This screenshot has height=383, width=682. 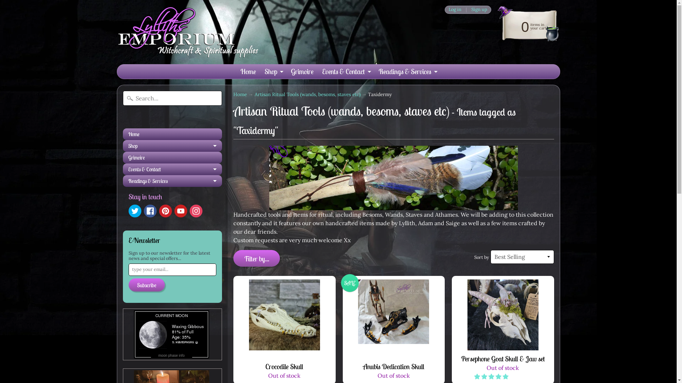 What do you see at coordinates (188, 32) in the screenshot?
I see `'Lylliths' Emporium'` at bounding box center [188, 32].